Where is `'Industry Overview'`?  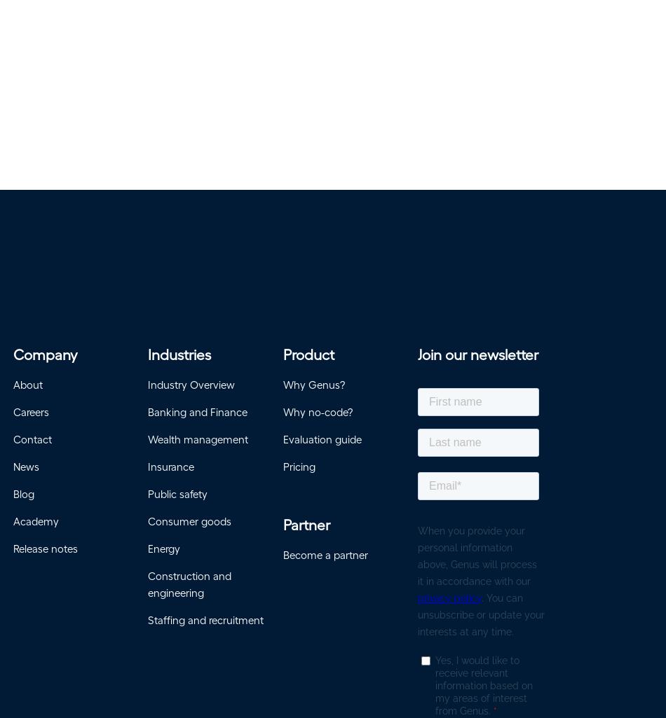 'Industry Overview' is located at coordinates (191, 388).